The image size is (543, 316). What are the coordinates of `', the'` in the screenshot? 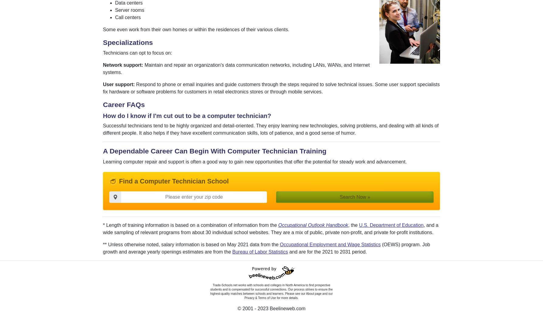 It's located at (353, 224).